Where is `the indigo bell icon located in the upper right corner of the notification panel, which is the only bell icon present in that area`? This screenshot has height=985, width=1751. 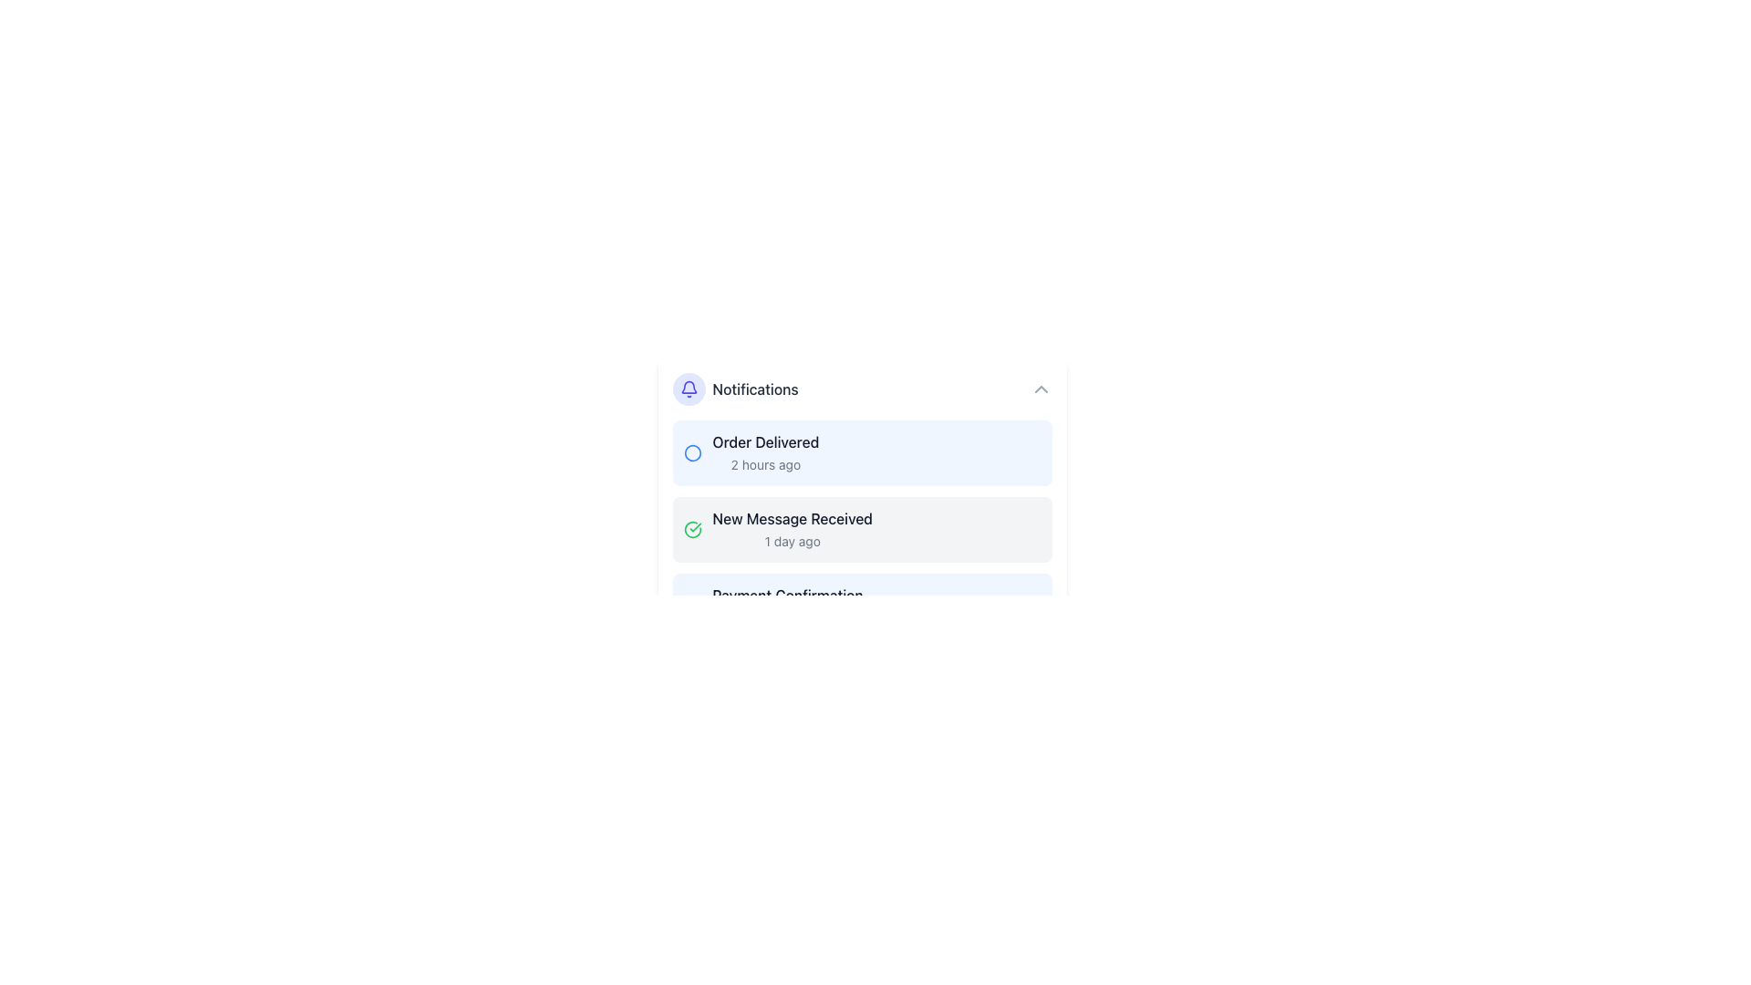
the indigo bell icon located in the upper right corner of the notification panel, which is the only bell icon present in that area is located at coordinates (688, 389).